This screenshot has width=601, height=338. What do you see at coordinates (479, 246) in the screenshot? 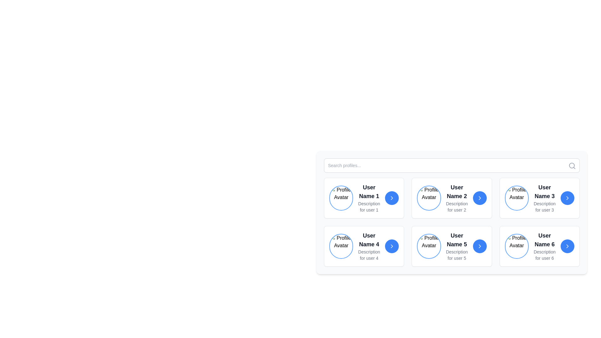
I see `the right-facing chevron arrow icon located in the bottom-right corner of the card for 'User Name 5' to trigger tooltips or visual feedback` at bounding box center [479, 246].